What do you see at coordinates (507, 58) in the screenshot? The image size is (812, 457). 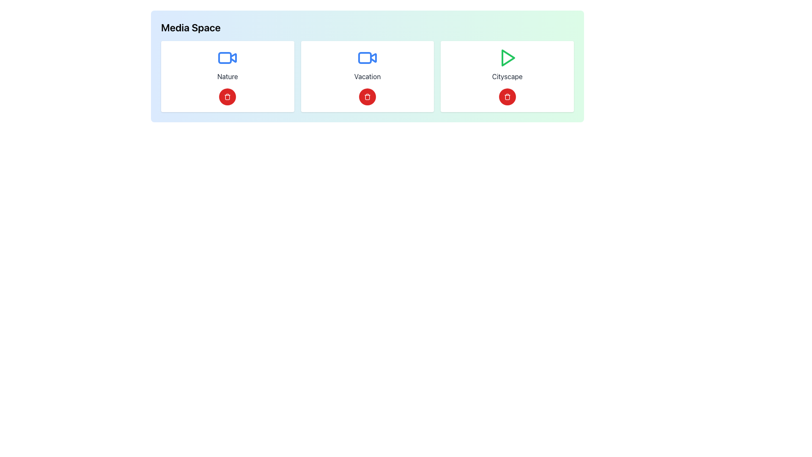 I see `the play button located at the top central part of the 'Cityscape' card to initiate playback` at bounding box center [507, 58].